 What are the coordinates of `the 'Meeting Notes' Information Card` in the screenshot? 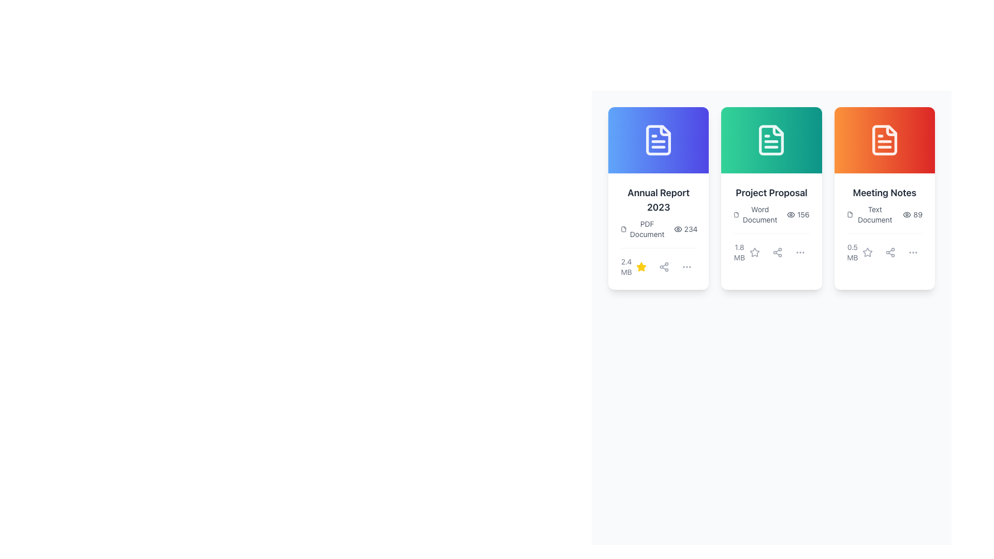 It's located at (884, 198).